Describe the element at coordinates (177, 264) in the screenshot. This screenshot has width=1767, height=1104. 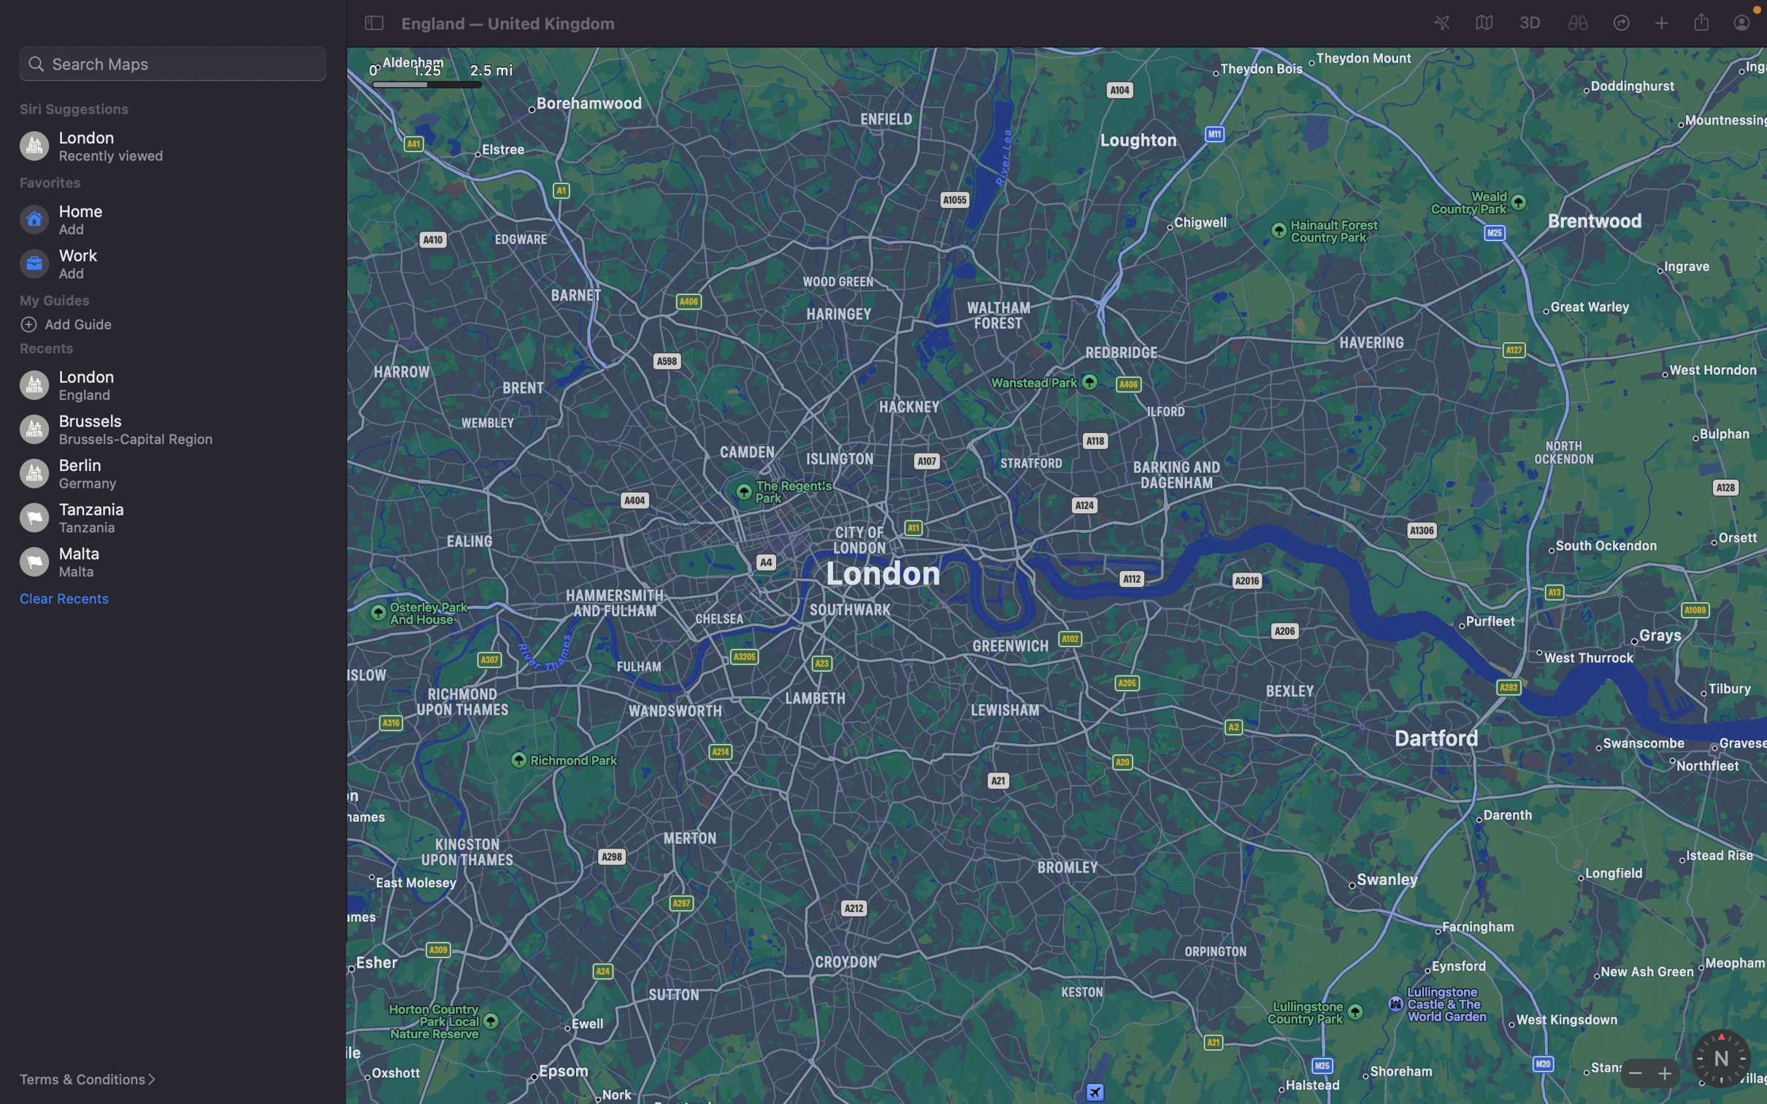
I see `Incorporate a new office location` at that location.